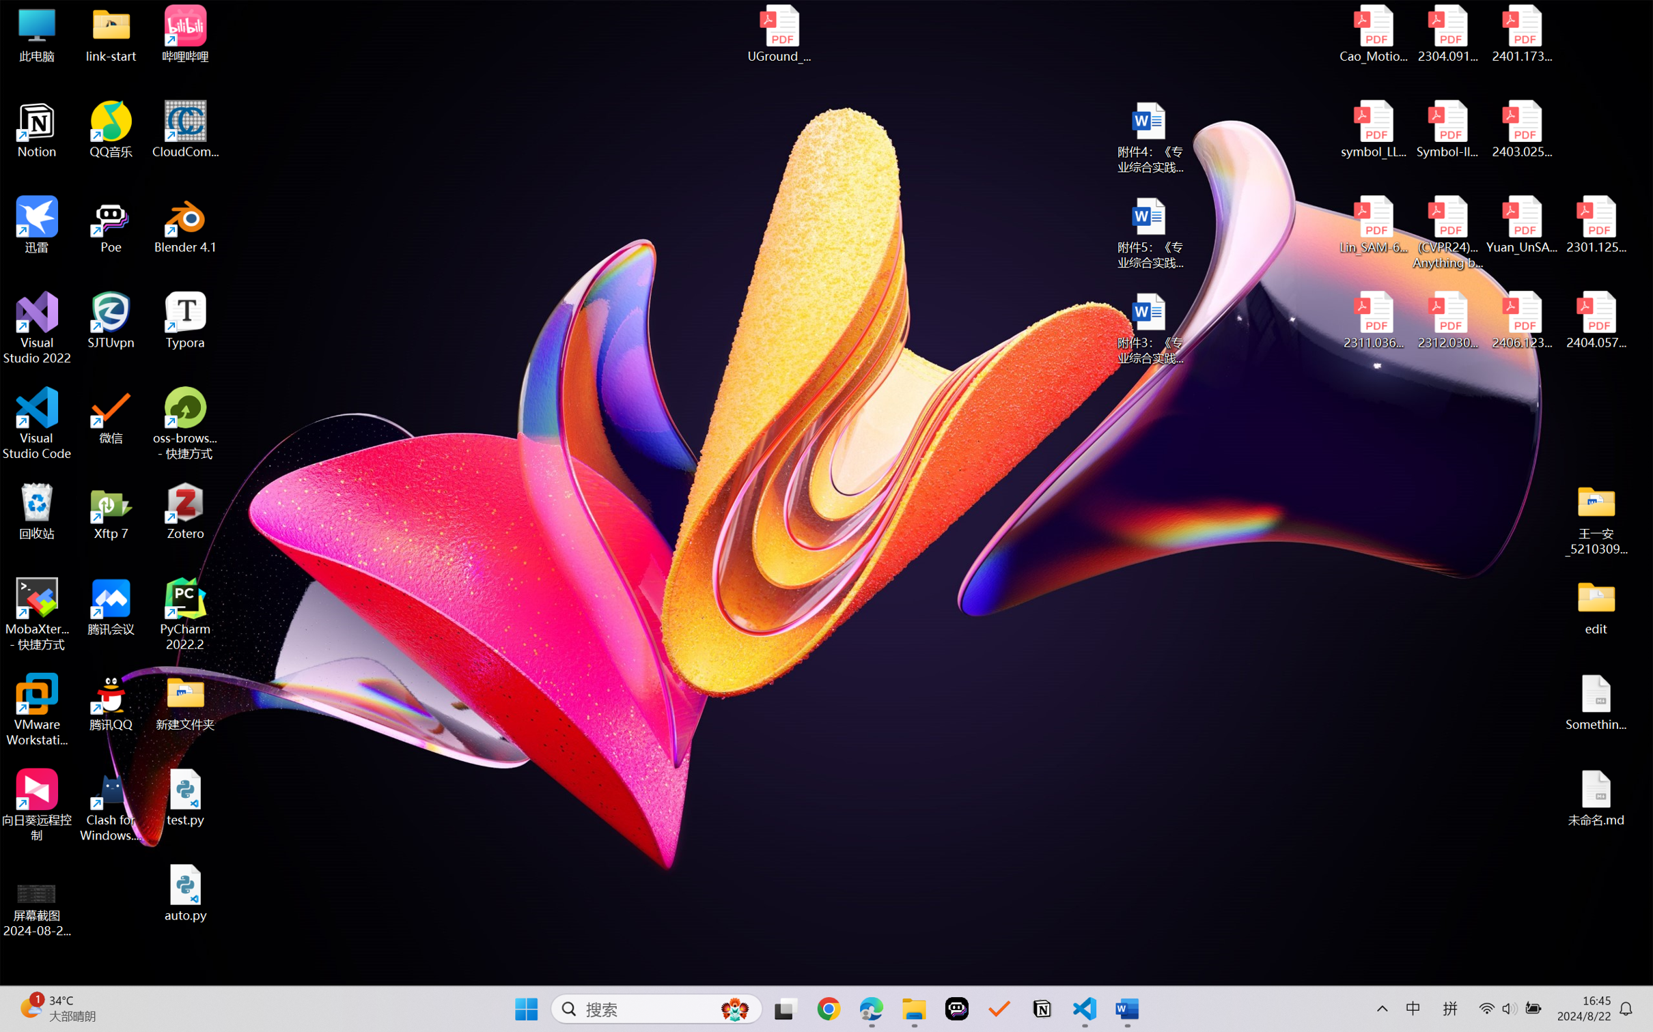 The width and height of the screenshot is (1653, 1032). Describe the element at coordinates (1595, 224) in the screenshot. I see `'2301.12597v3.pdf'` at that location.